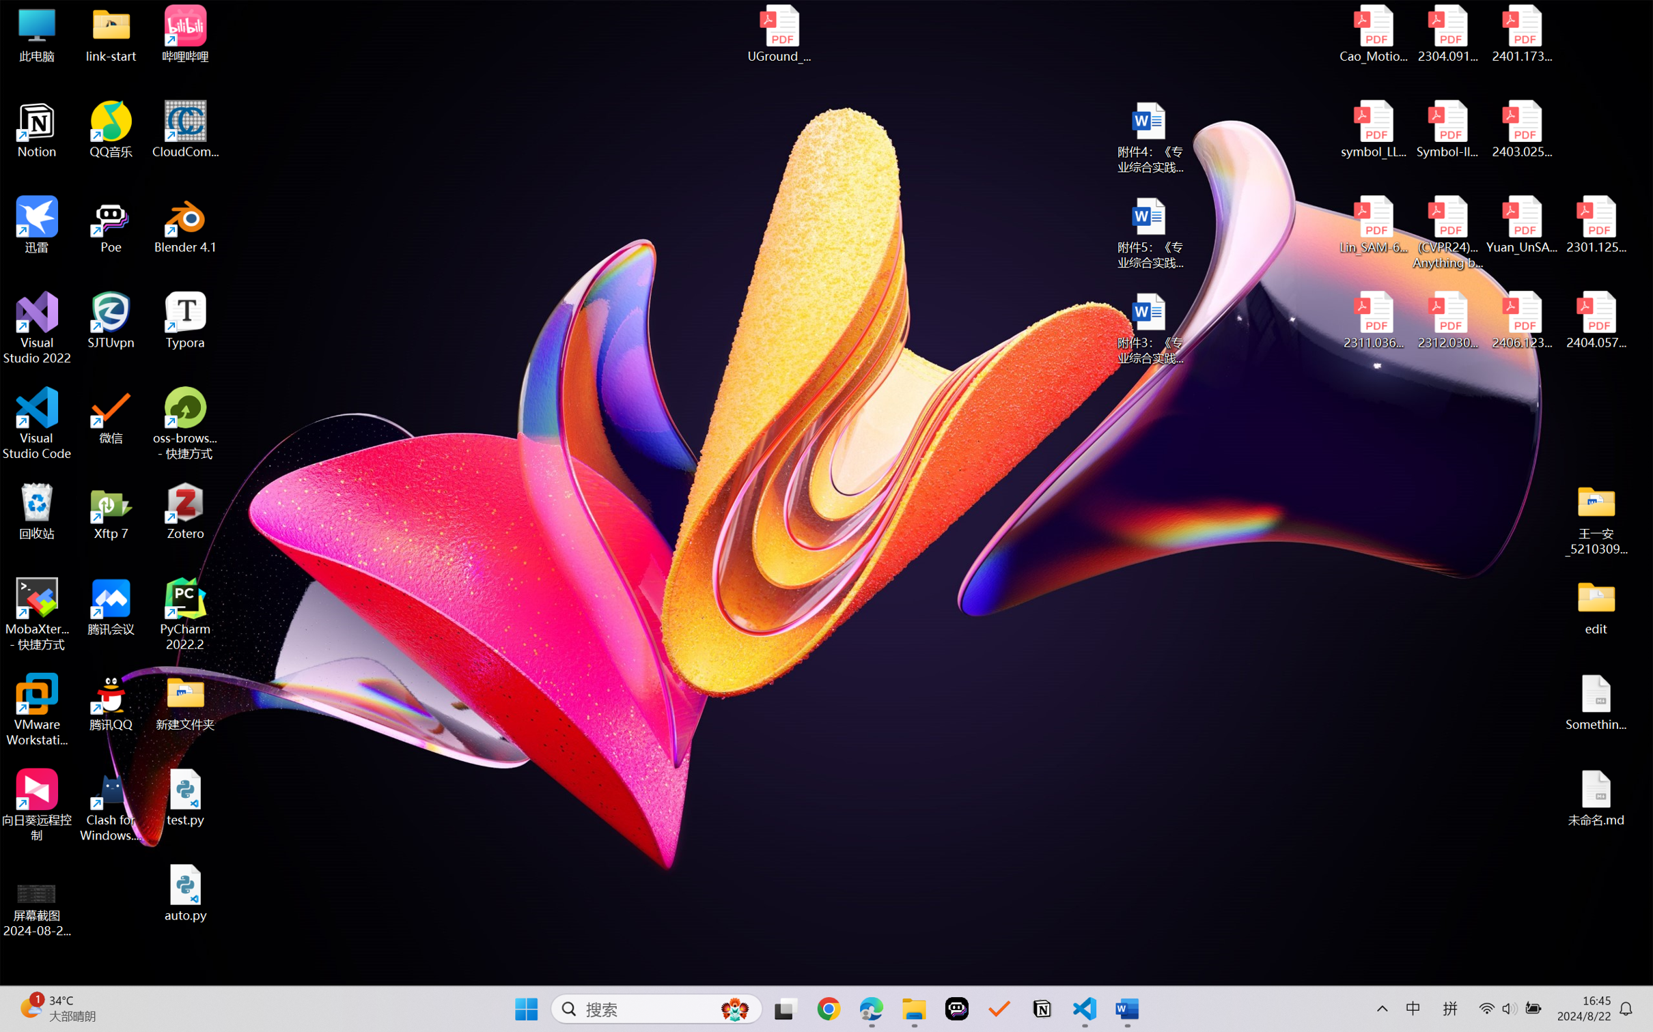 The width and height of the screenshot is (1653, 1032). Describe the element at coordinates (1595, 224) in the screenshot. I see `'2301.12597v3.pdf'` at that location.